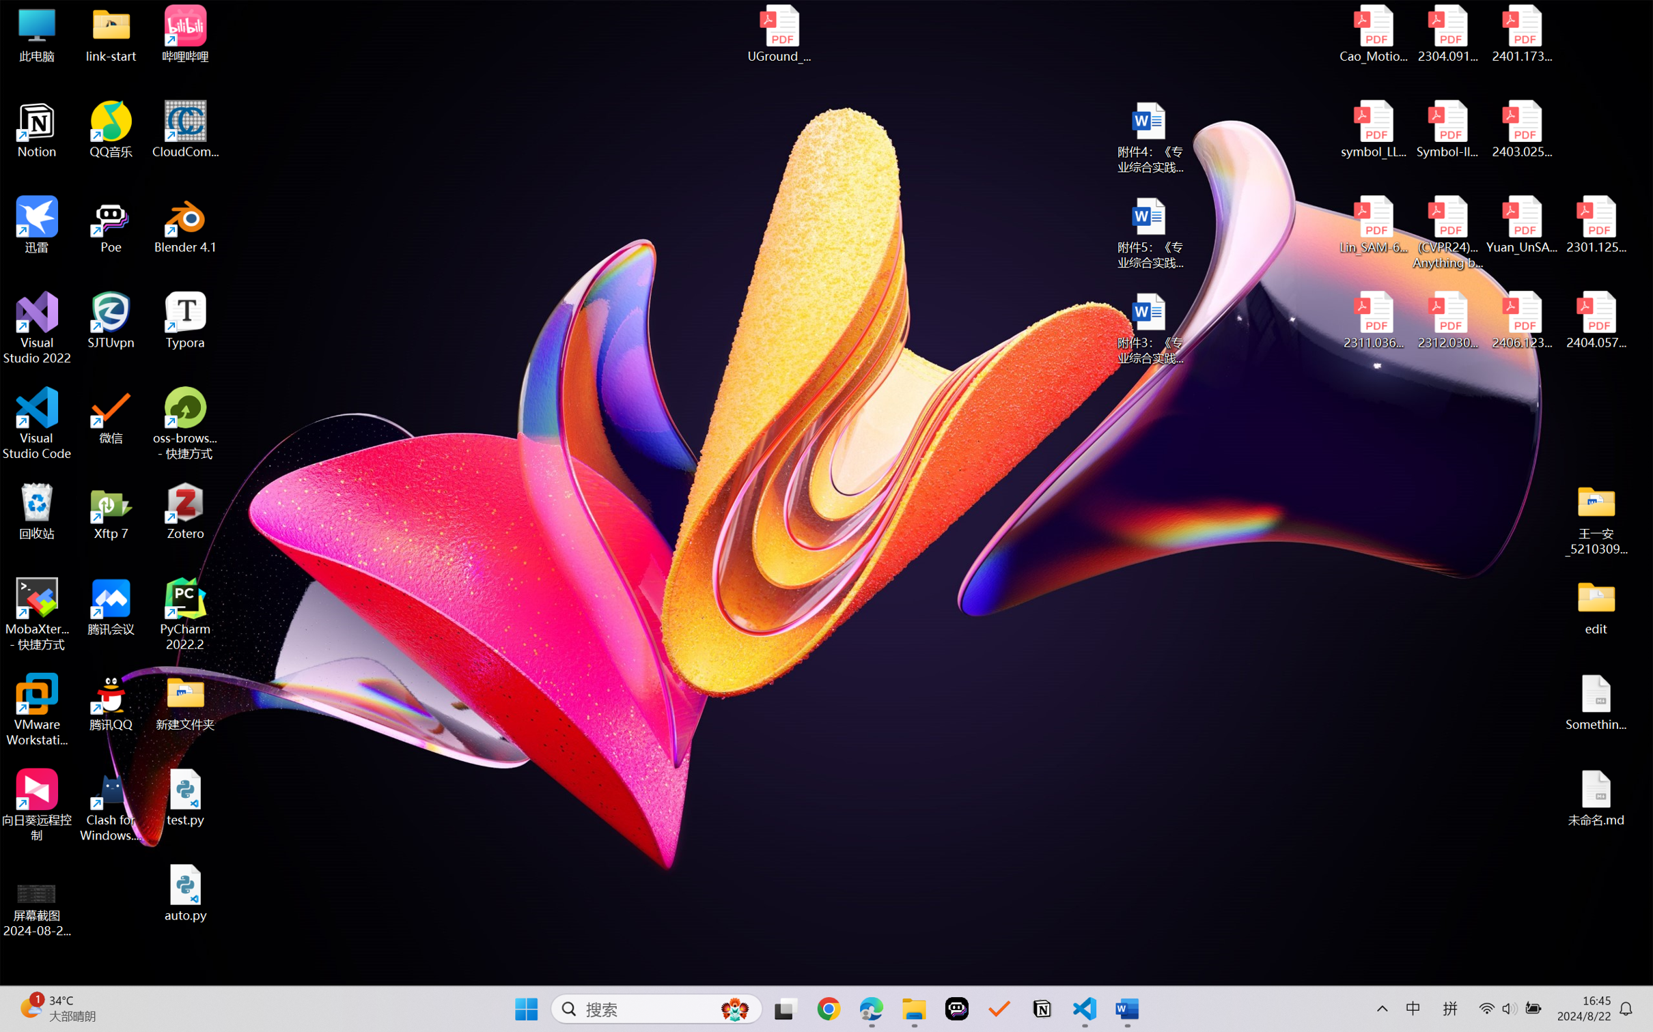 The width and height of the screenshot is (1653, 1032). Describe the element at coordinates (1595, 224) in the screenshot. I see `'2301.12597v3.pdf'` at that location.